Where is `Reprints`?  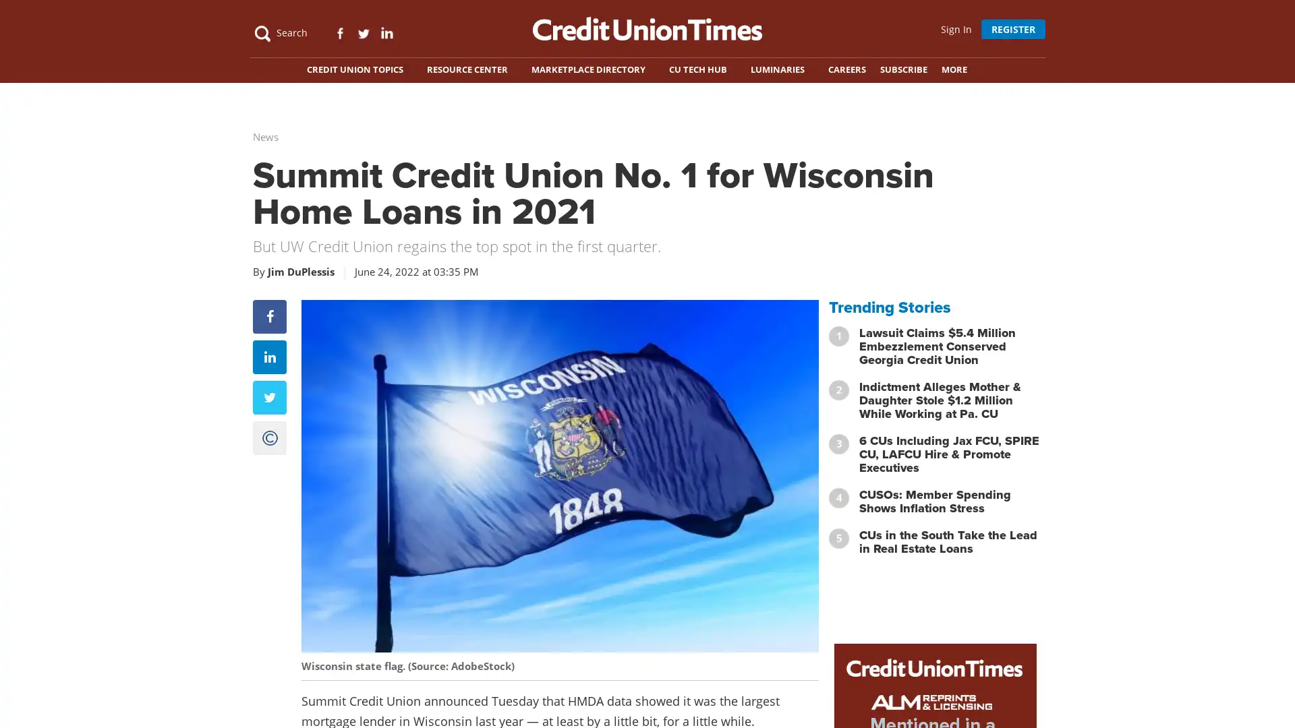
Reprints is located at coordinates (269, 491).